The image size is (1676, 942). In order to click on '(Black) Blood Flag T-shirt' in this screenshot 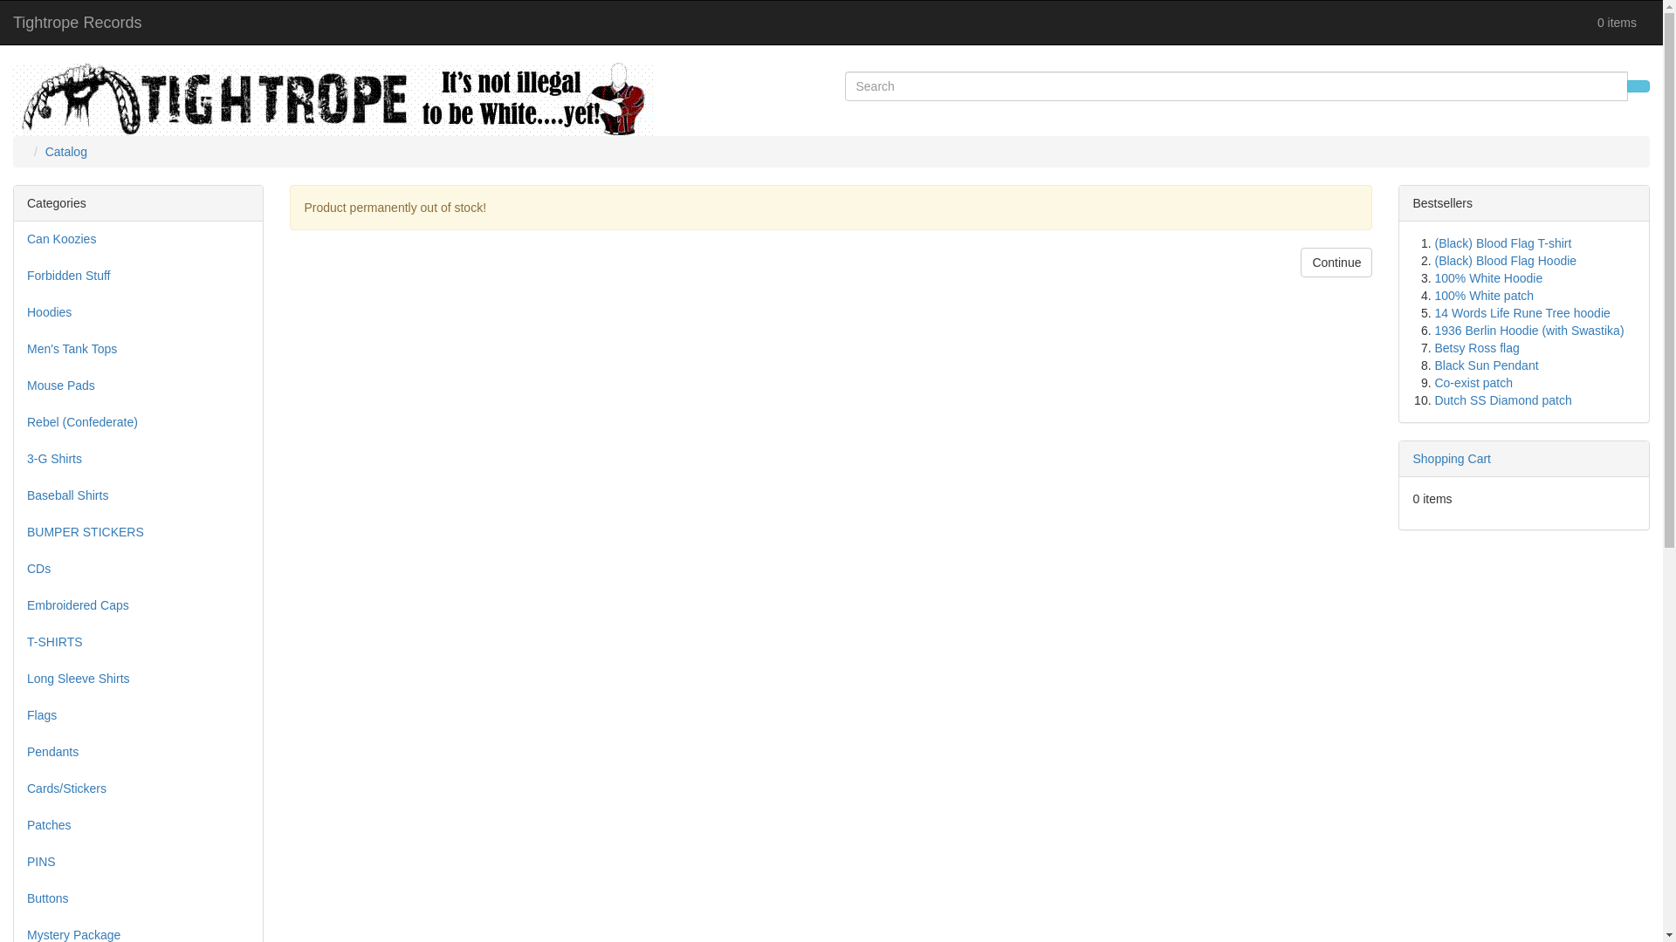, I will do `click(1501, 242)`.